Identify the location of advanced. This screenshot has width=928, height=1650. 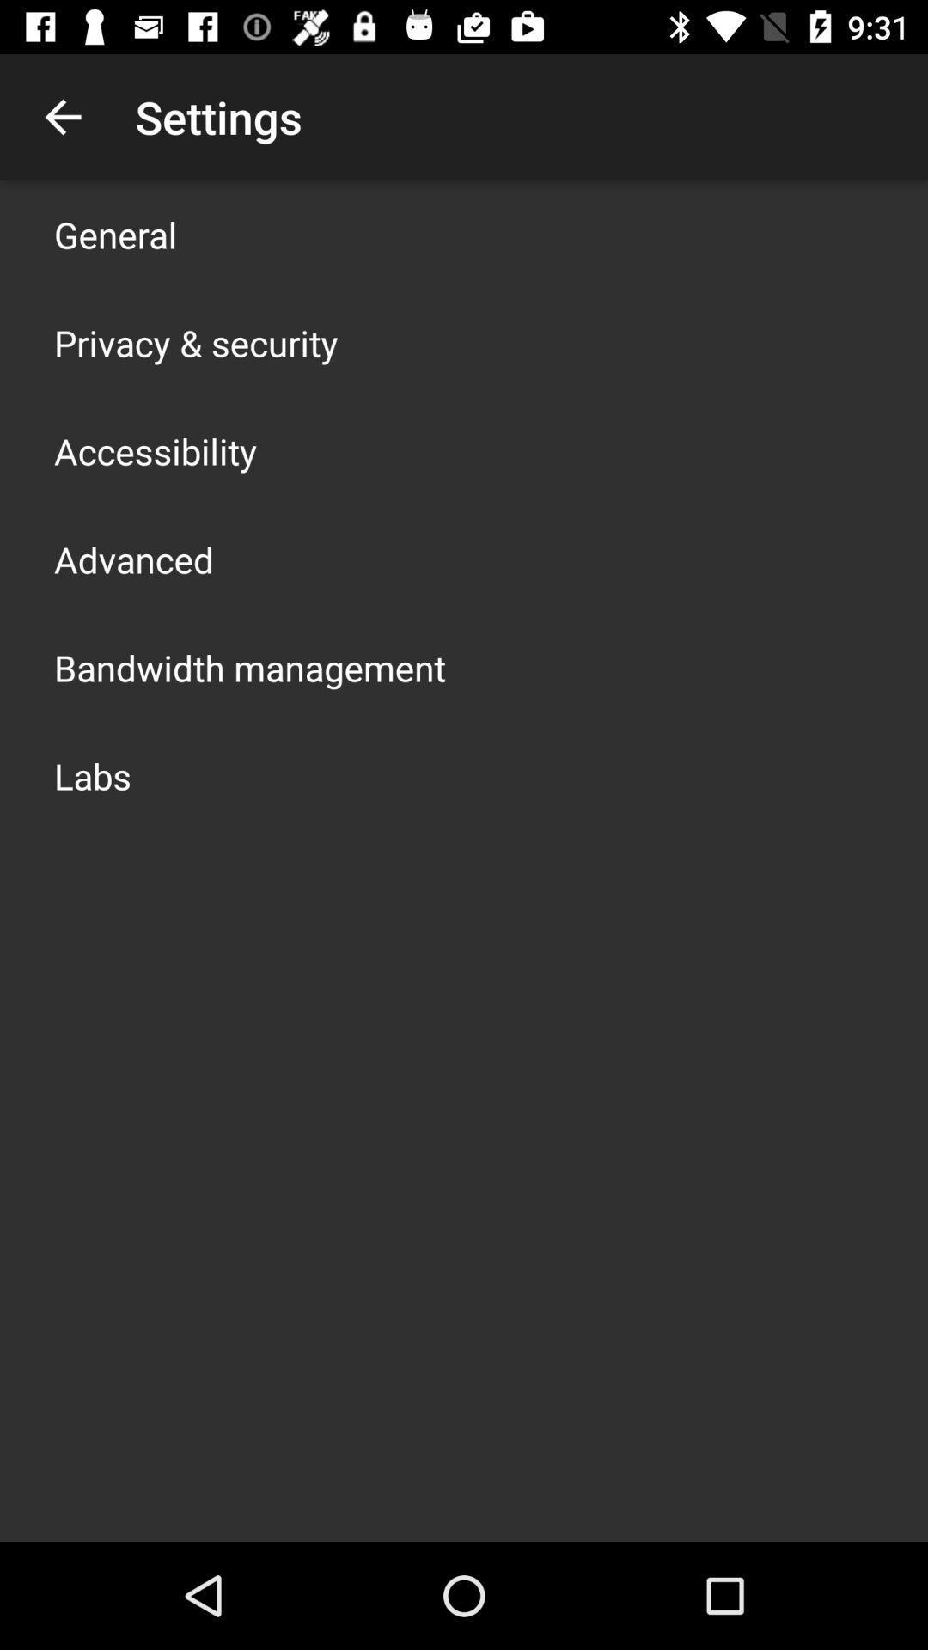
(132, 559).